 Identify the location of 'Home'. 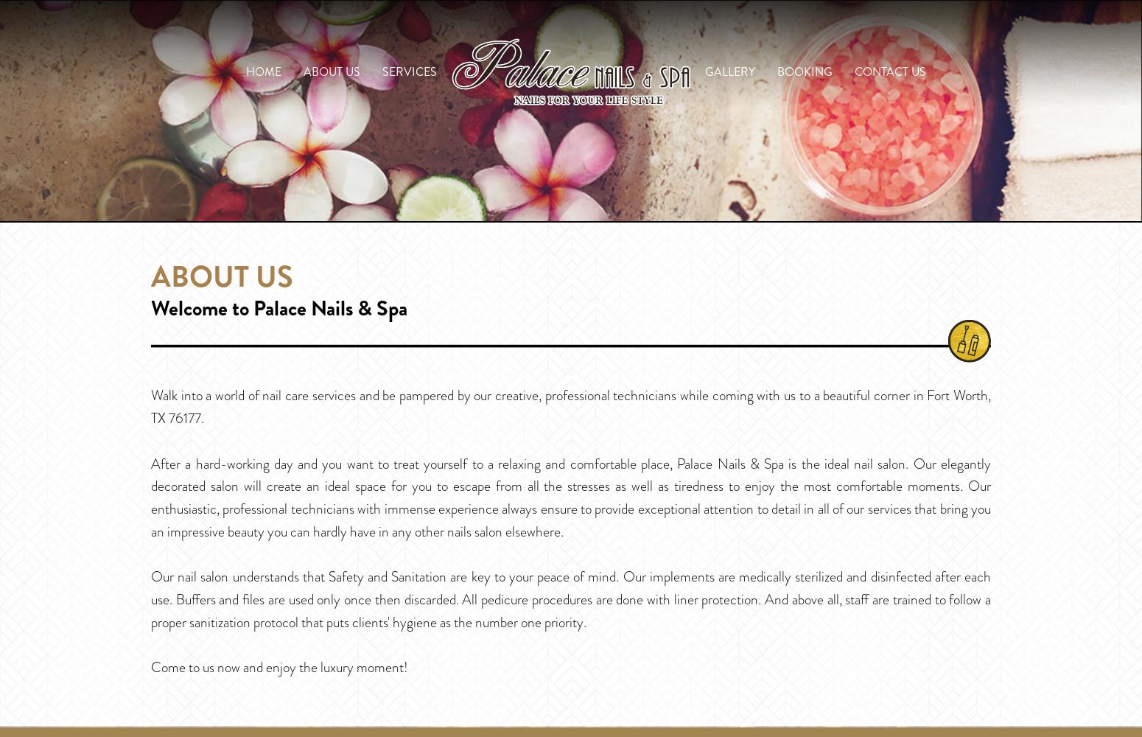
(245, 71).